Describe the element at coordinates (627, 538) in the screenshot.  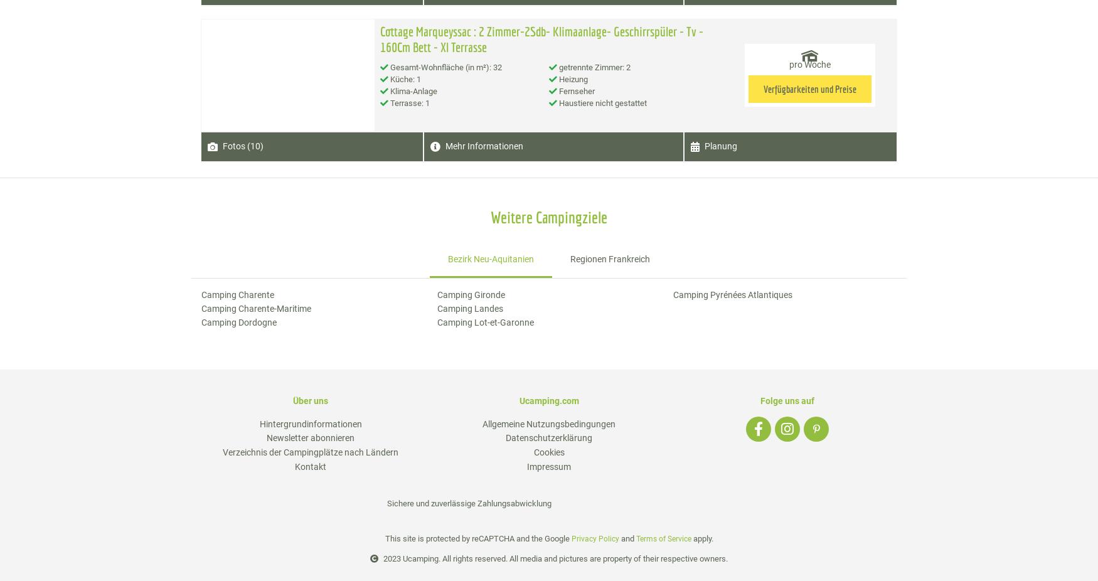
I see `'and'` at that location.